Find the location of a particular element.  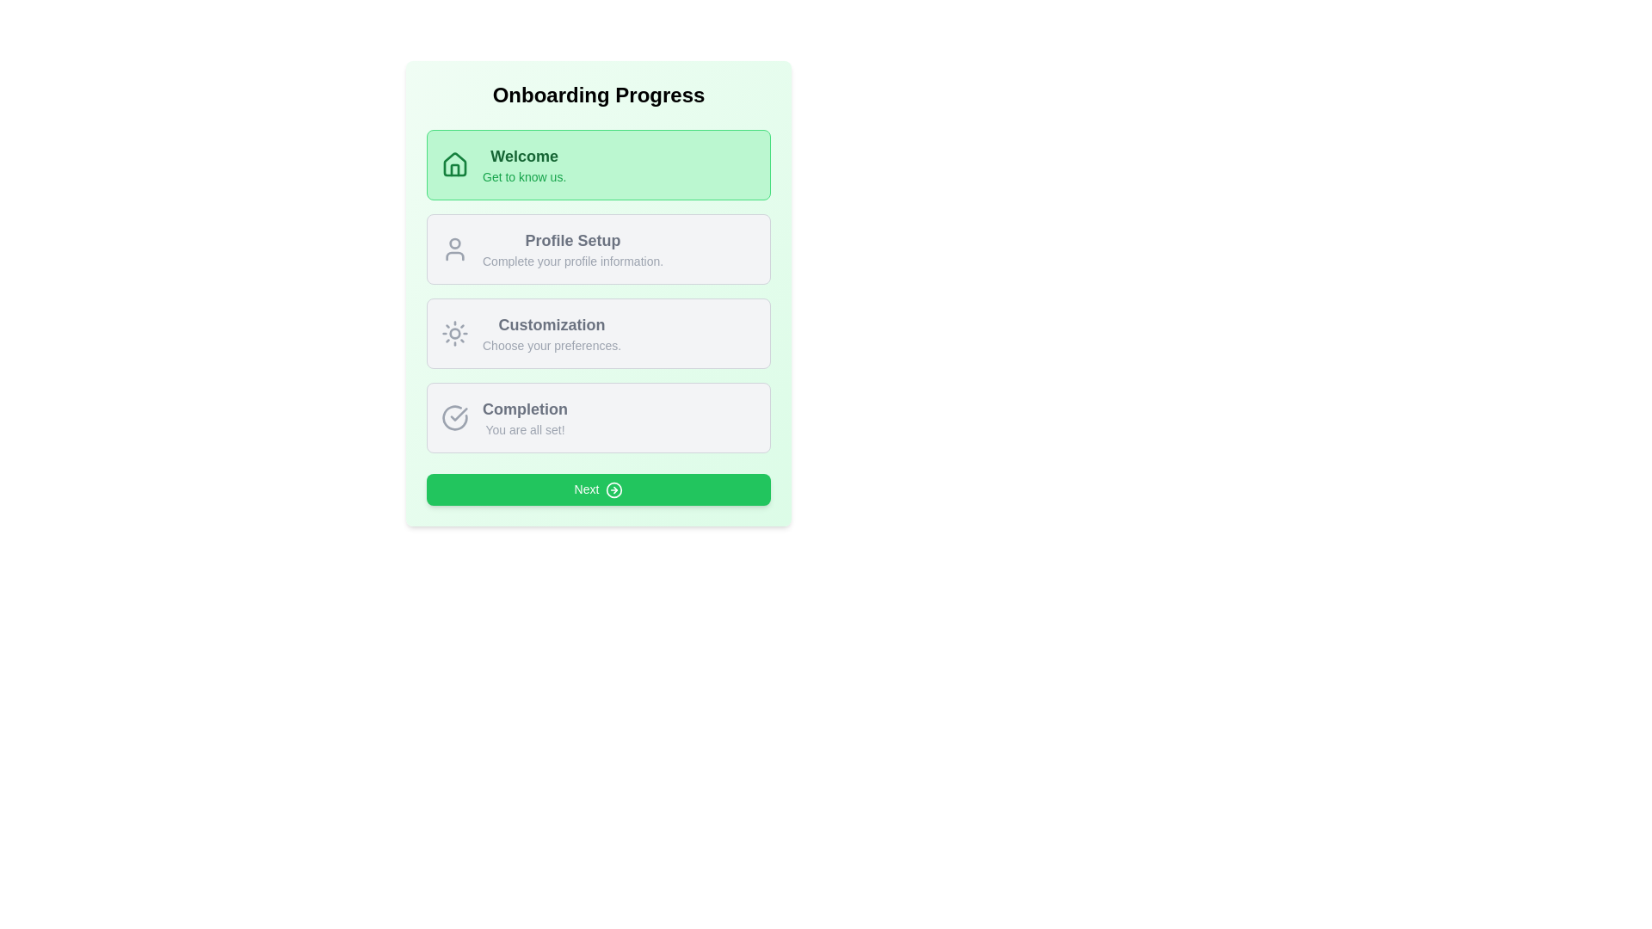

the button at the bottom of the onboarding progress steps to proceed to the next step is located at coordinates (599, 489).